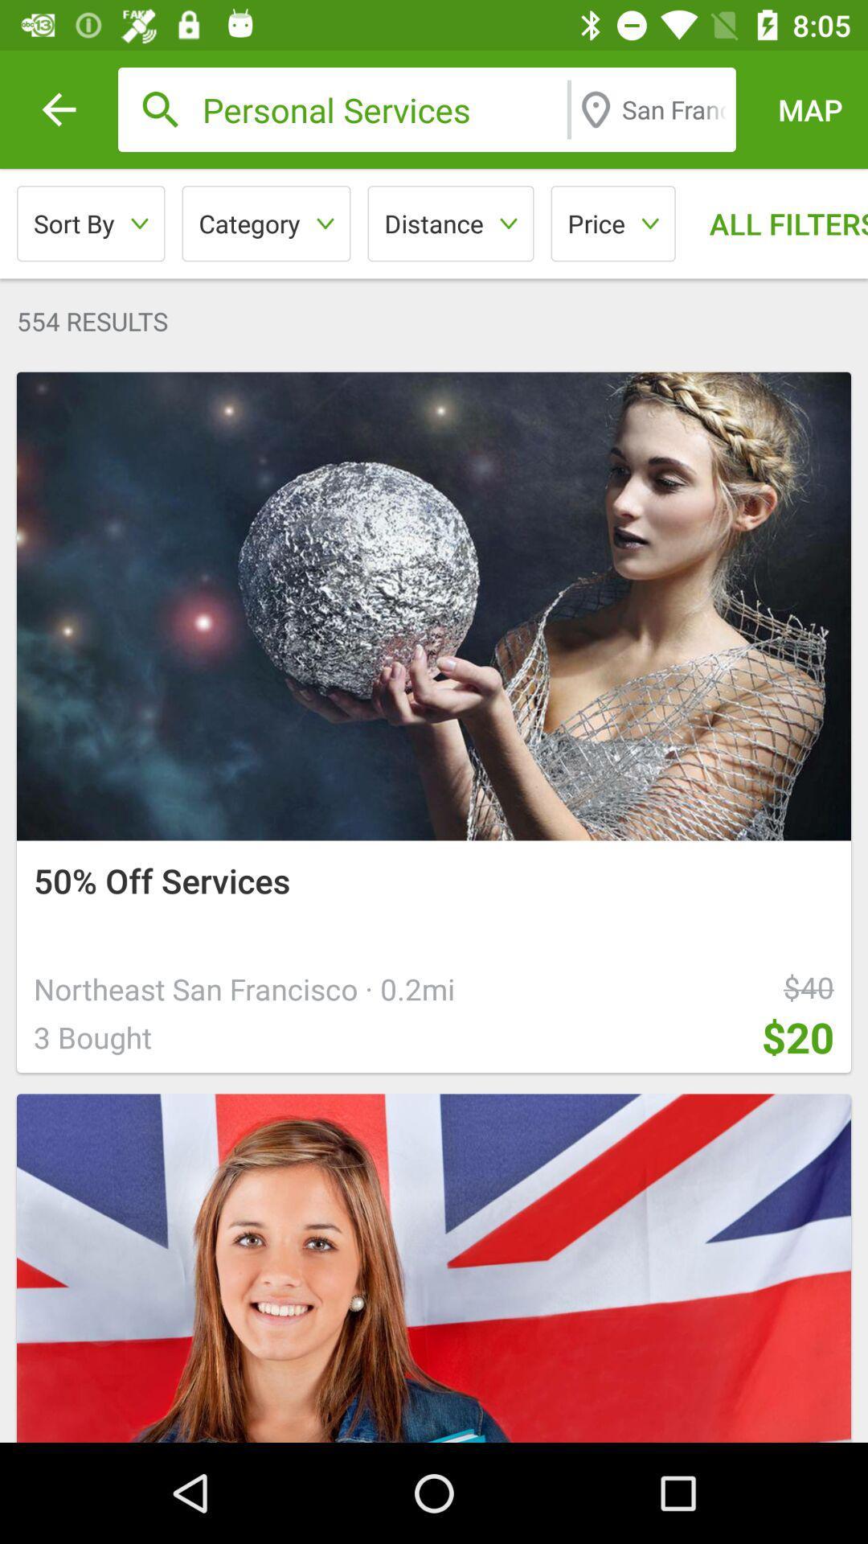 This screenshot has height=1544, width=868. I want to click on the icon below the map, so click(775, 223).